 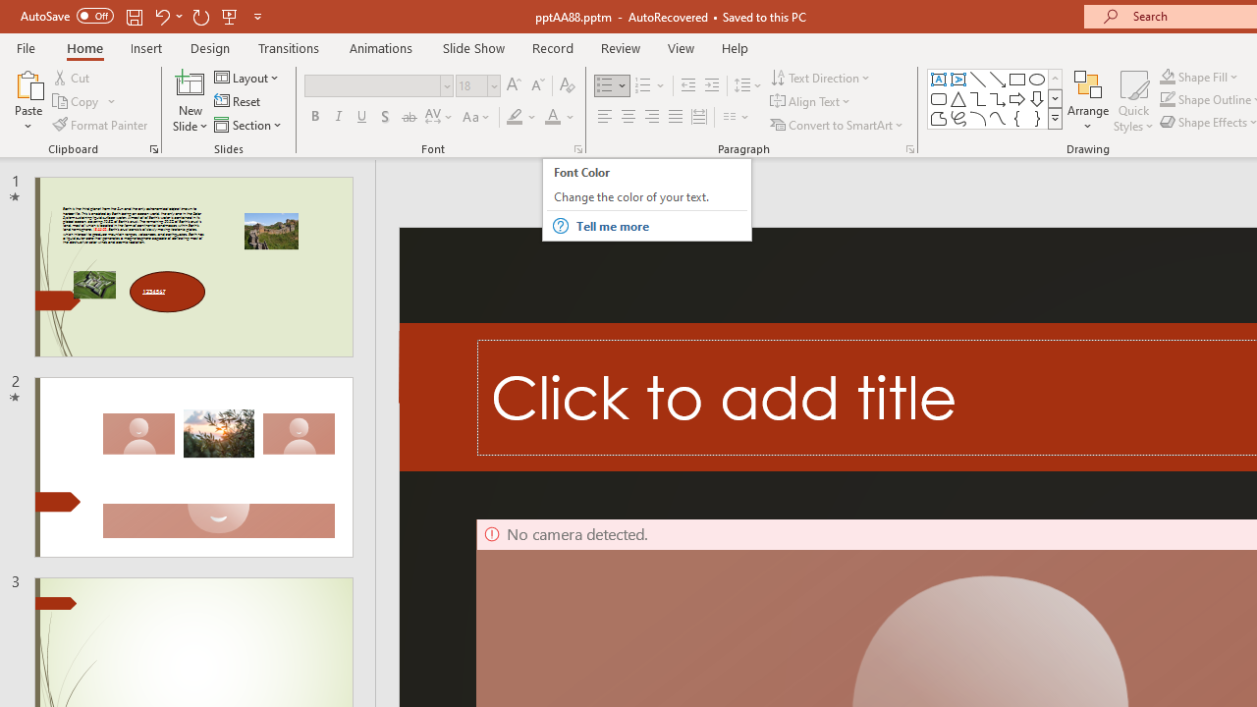 What do you see at coordinates (1168, 99) in the screenshot?
I see `'Shape Outline Teal, Accent 1'` at bounding box center [1168, 99].